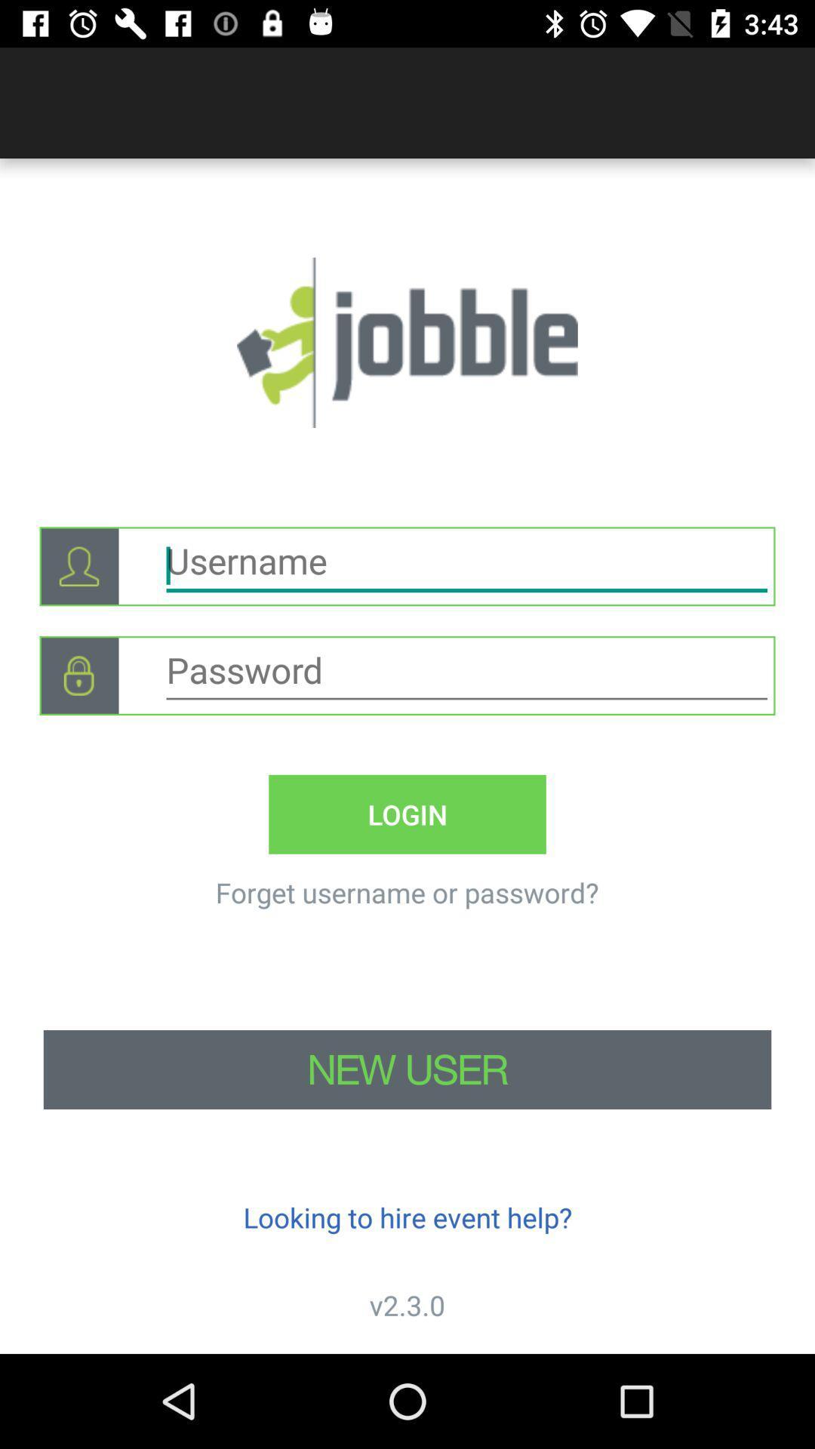  Describe the element at coordinates (406, 892) in the screenshot. I see `the item below login item` at that location.